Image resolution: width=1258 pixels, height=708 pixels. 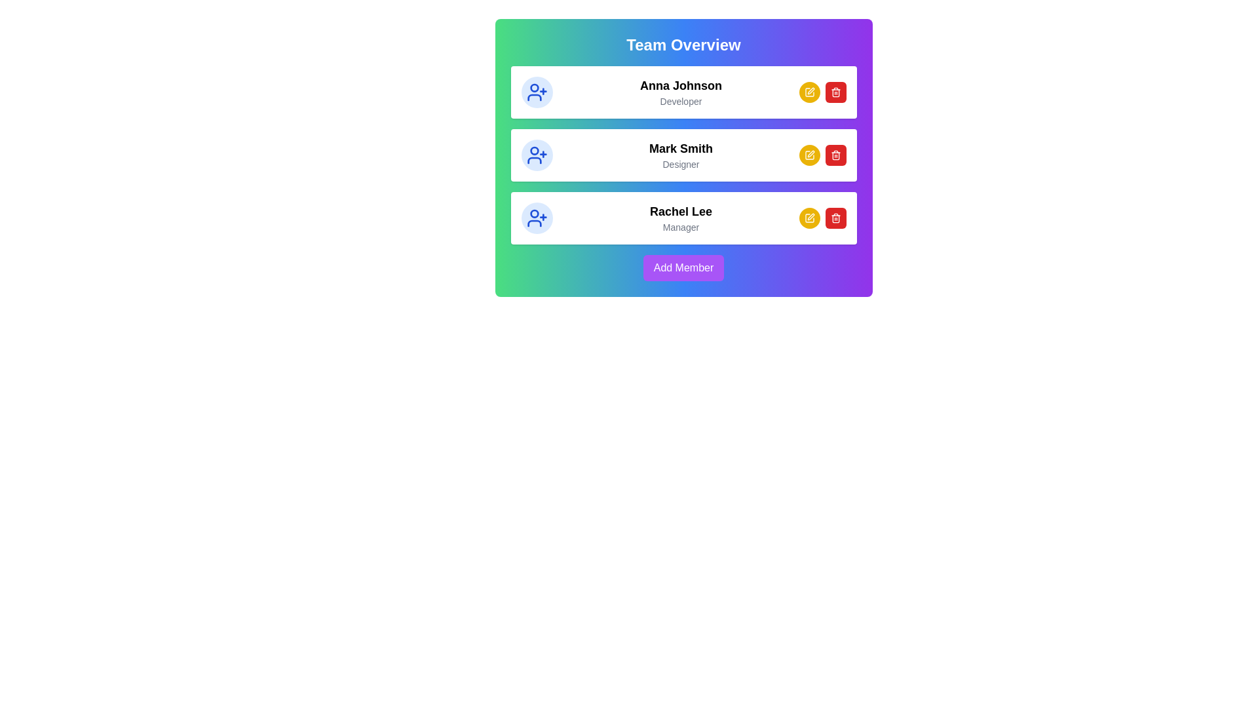 I want to click on the delete button located at the far right of the row for 'Rachel Lee, Manager' in the 'Team Overview' section, so click(x=835, y=217).